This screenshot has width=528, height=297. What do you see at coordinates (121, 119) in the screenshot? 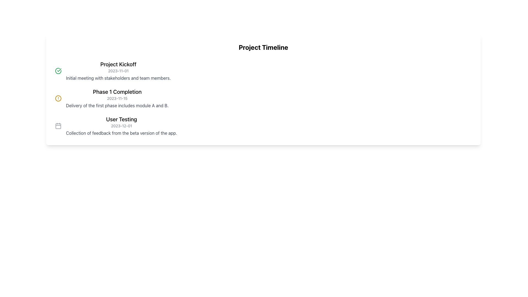
I see `the text label displaying 'User Testing', which is bold and larger in font, positioned above the date '2023-12-01' within the 'Project Timeline' section` at bounding box center [121, 119].